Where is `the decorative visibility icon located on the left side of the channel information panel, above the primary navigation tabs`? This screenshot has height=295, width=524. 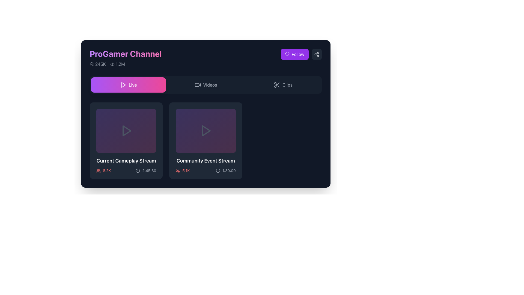
the decorative visibility icon located on the left side of the channel information panel, above the primary navigation tabs is located at coordinates (112, 64).